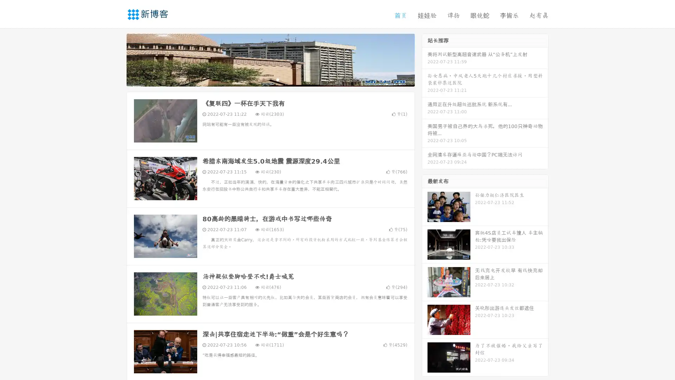 This screenshot has width=675, height=380. Describe the element at coordinates (425, 59) in the screenshot. I see `Next slide` at that location.